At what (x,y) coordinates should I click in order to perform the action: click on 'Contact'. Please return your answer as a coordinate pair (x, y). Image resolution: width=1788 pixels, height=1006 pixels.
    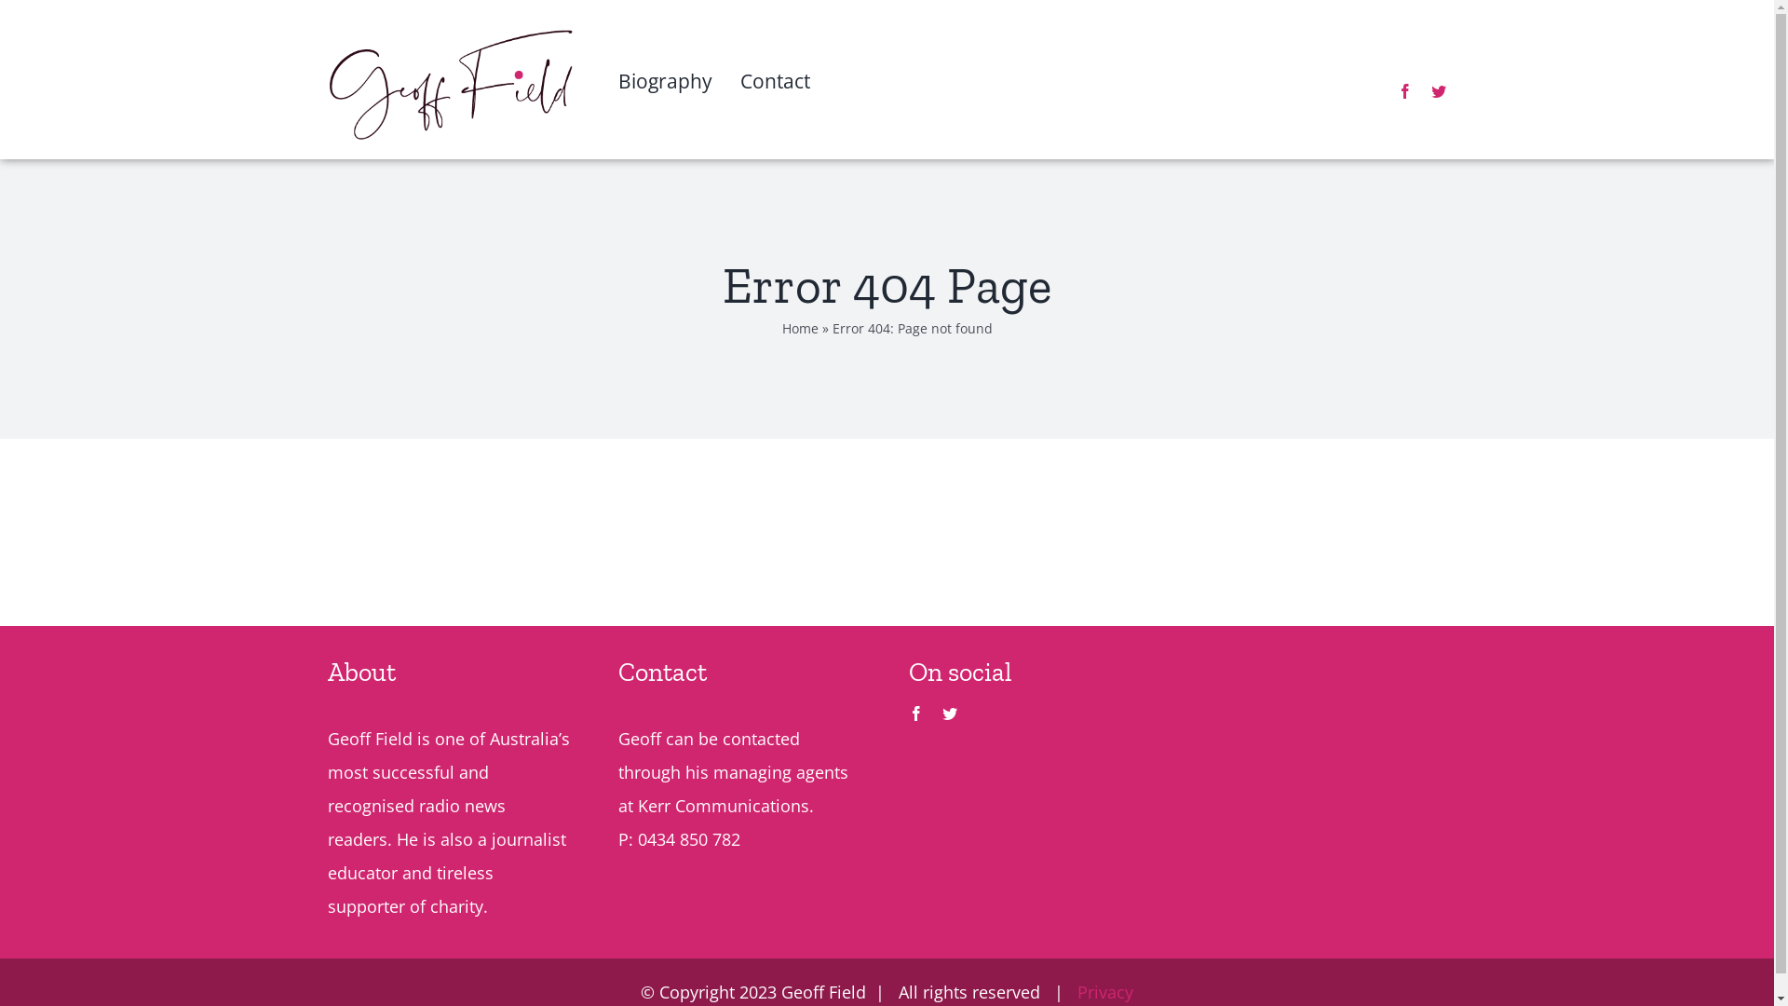
    Looking at the image, I should click on (775, 110).